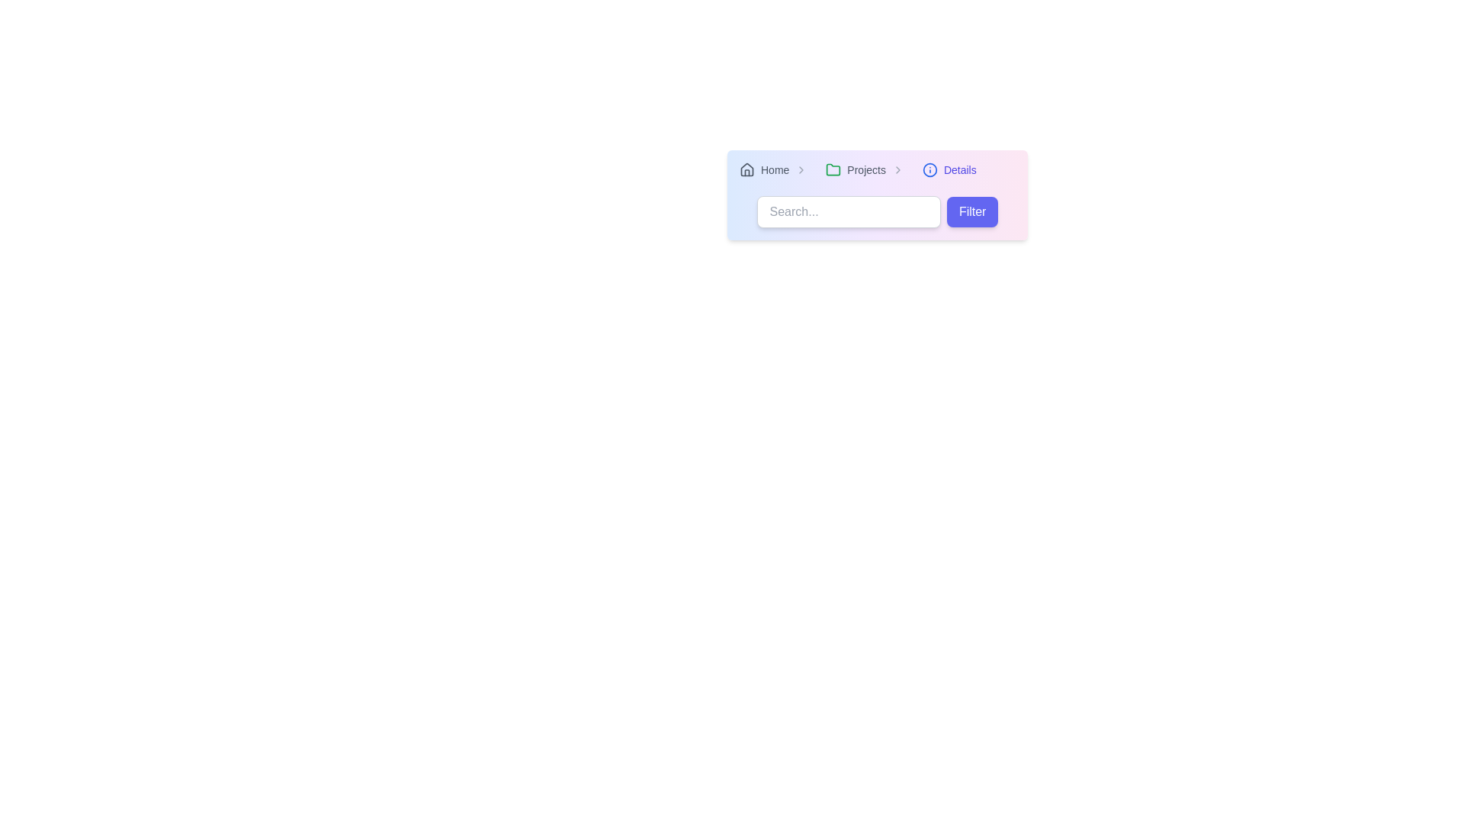 The width and height of the screenshot is (1464, 824). What do you see at coordinates (746, 170) in the screenshot?
I see `the house icon in the breadcrumb navigation bar` at bounding box center [746, 170].